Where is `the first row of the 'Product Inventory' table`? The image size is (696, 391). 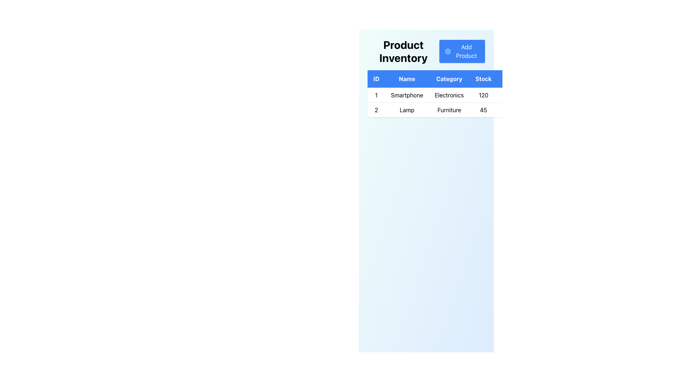
the first row of the 'Product Inventory' table is located at coordinates (448, 93).